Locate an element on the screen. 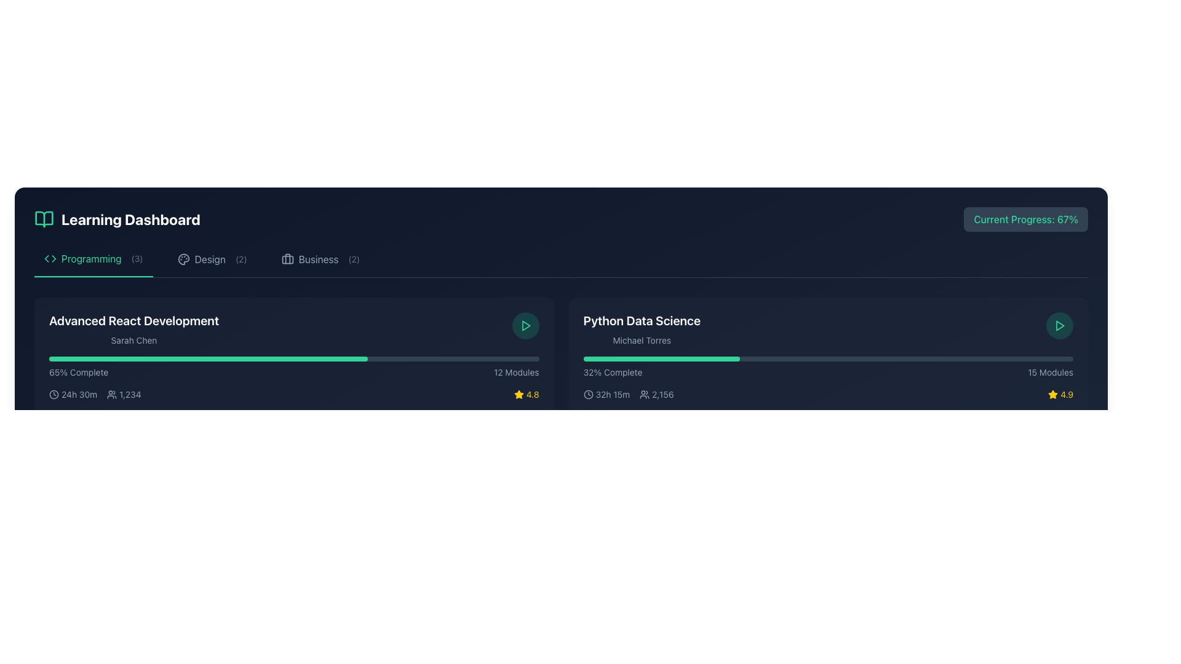 The height and width of the screenshot is (664, 1181). the briefcase icon in the 'Business (2)' navigation menu is located at coordinates (287, 258).